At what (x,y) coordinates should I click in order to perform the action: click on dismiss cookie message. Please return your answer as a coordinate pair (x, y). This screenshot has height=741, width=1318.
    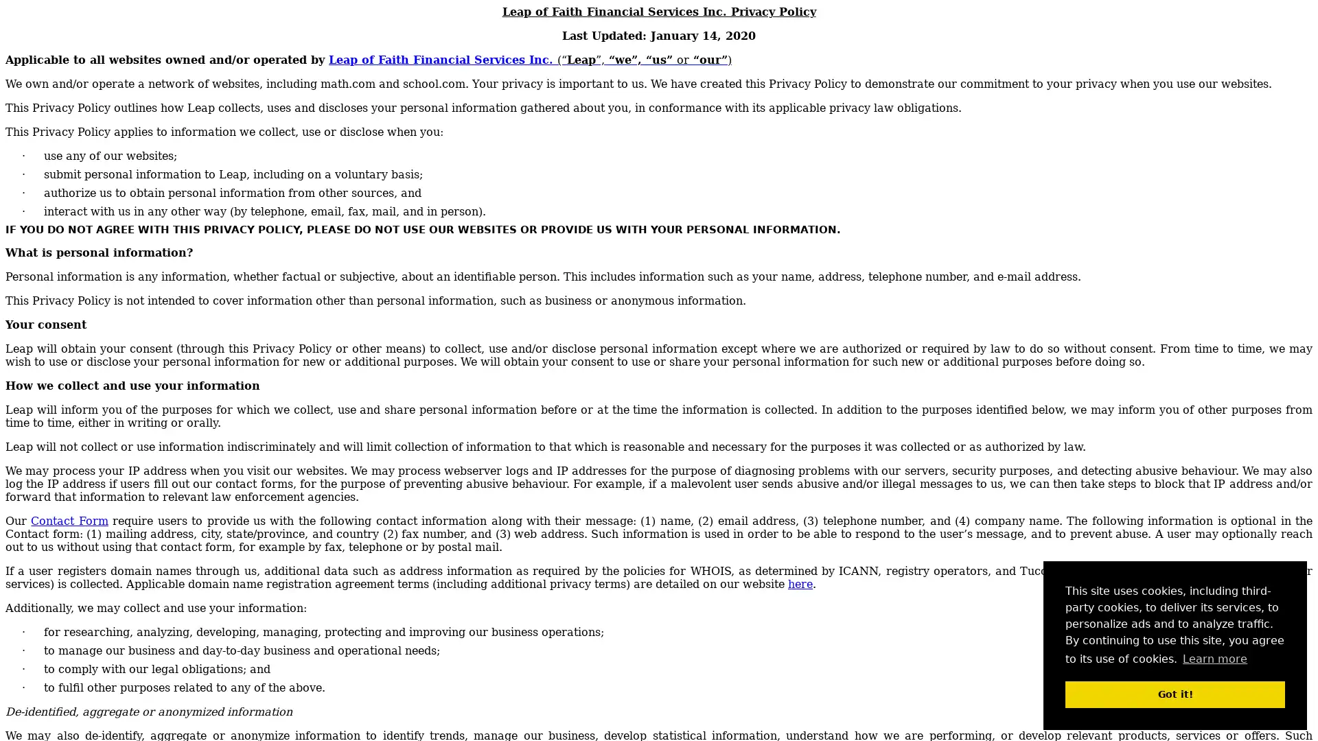
    Looking at the image, I should click on (1175, 694).